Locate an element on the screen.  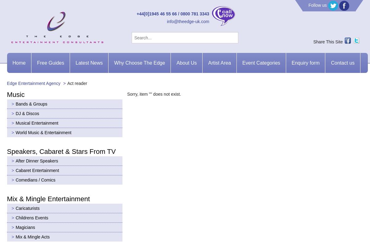
'Childrens Events' is located at coordinates (31, 217).